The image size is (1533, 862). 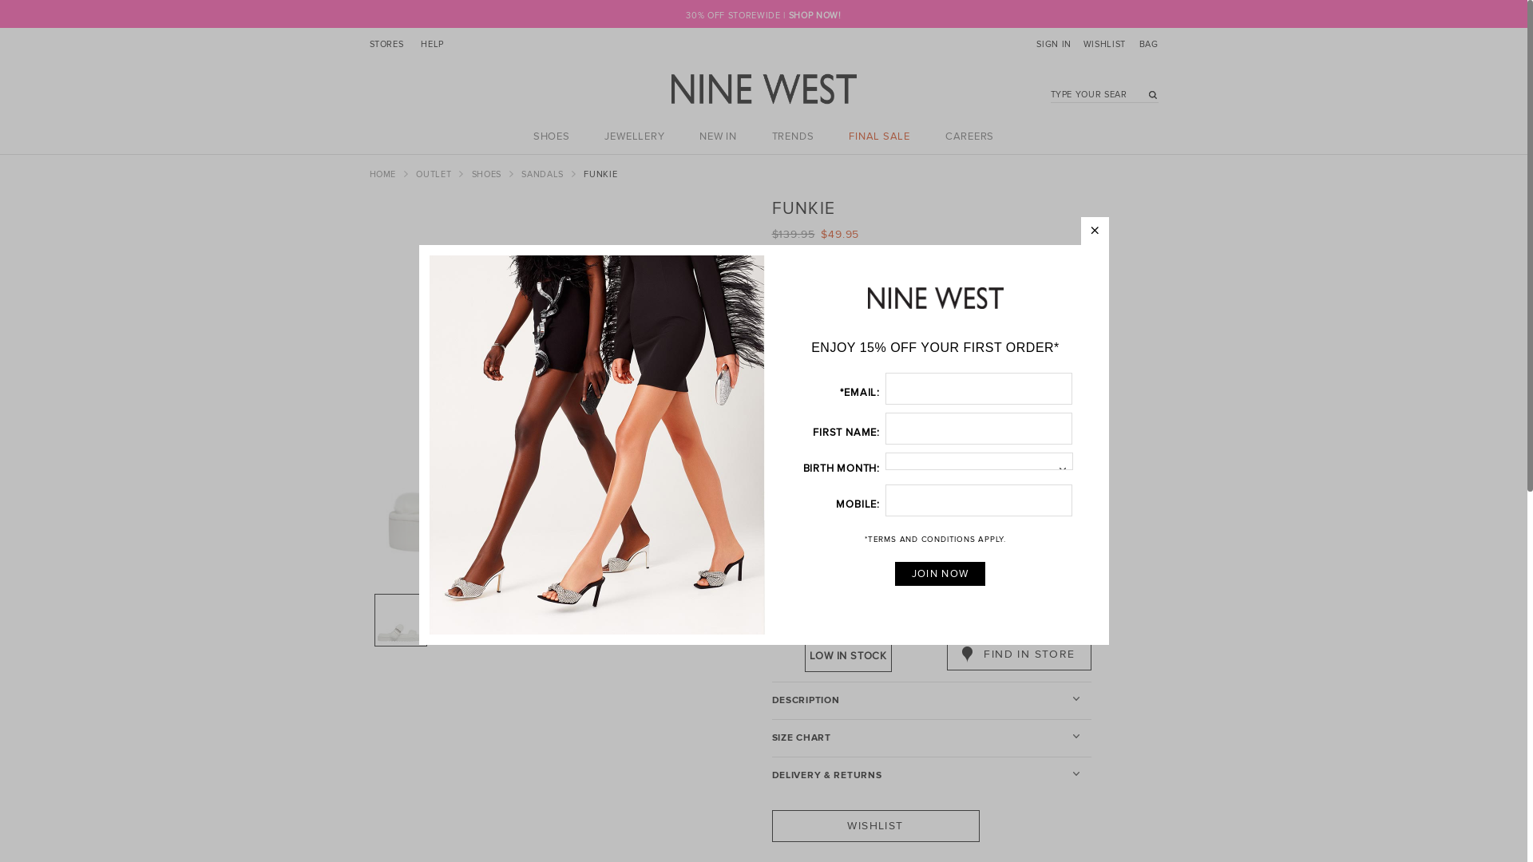 What do you see at coordinates (864, 418) in the screenshot?
I see `'8.5'` at bounding box center [864, 418].